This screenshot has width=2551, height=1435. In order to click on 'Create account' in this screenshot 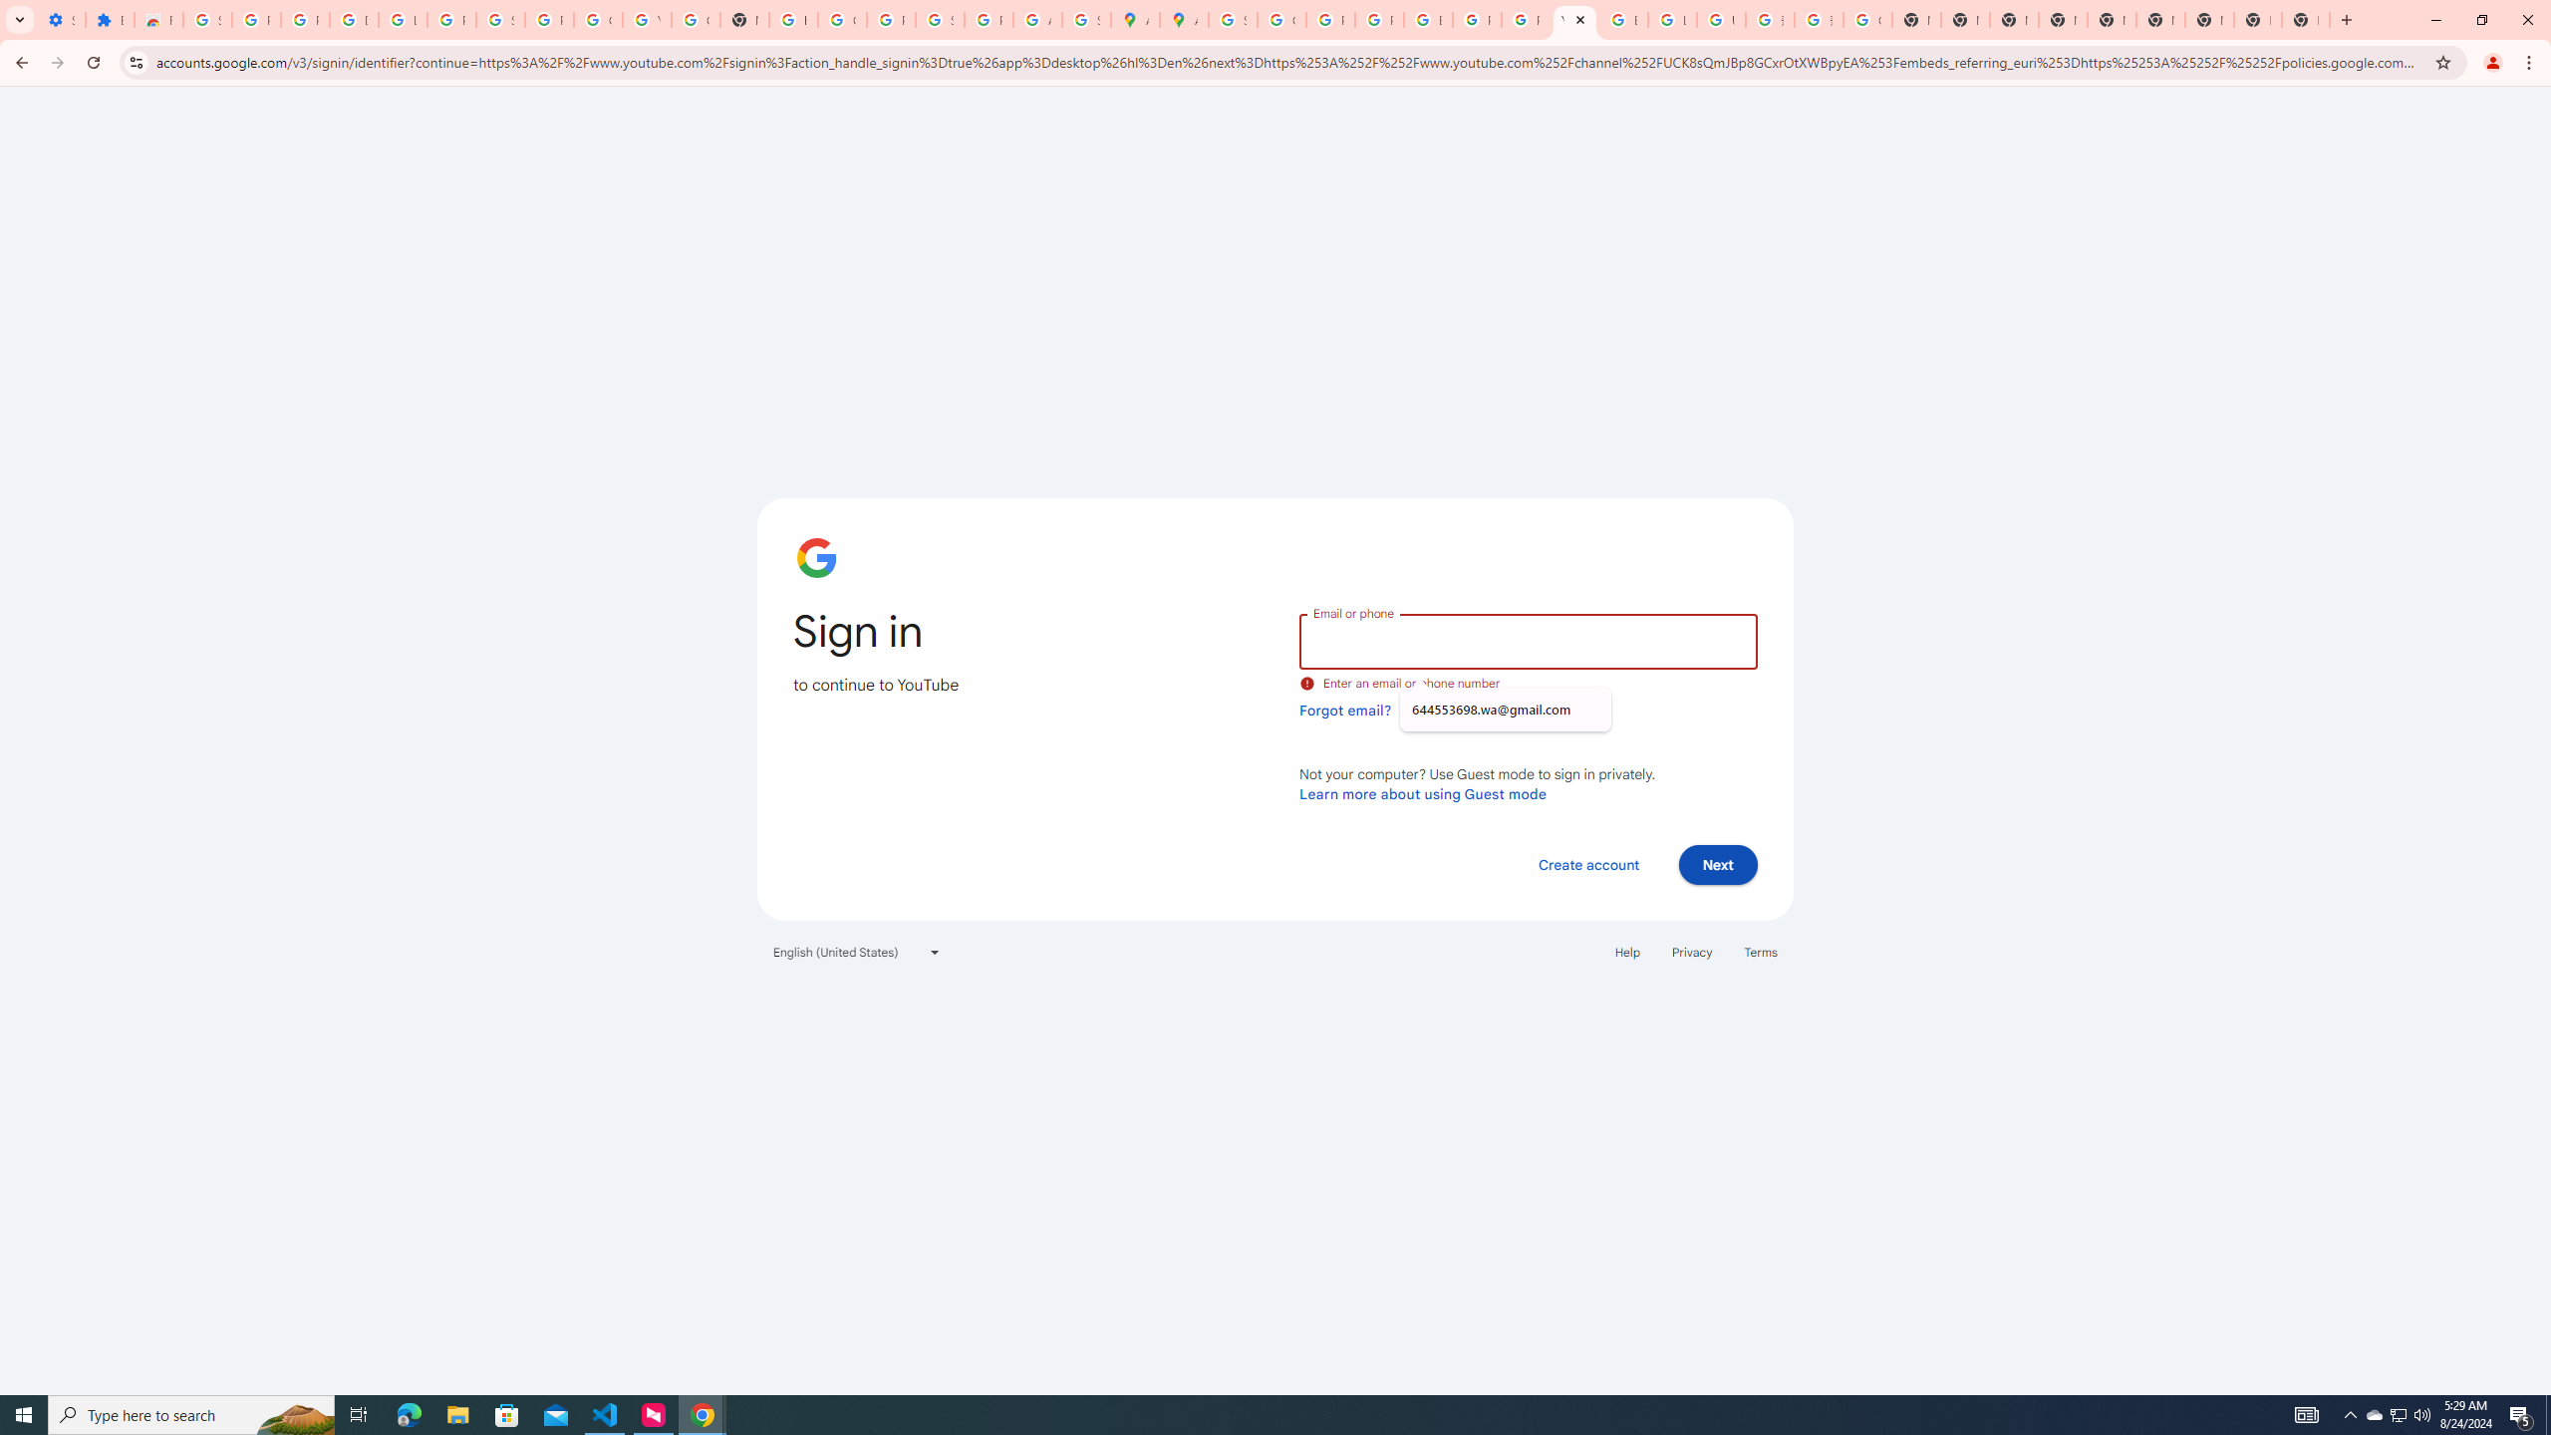, I will do `click(1587, 863)`.